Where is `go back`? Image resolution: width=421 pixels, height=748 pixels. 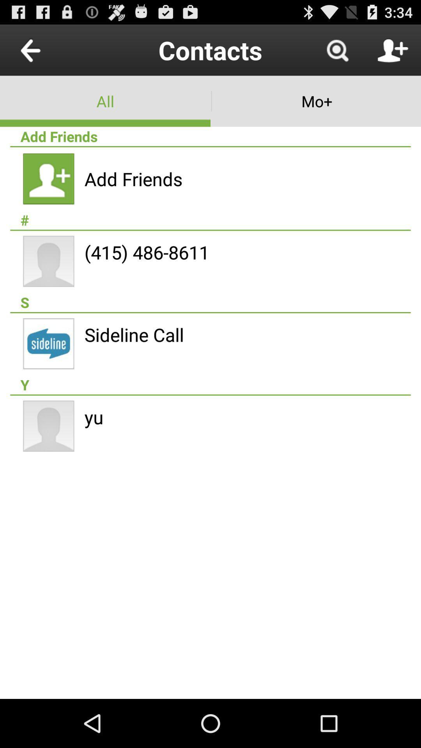 go back is located at coordinates (48, 49).